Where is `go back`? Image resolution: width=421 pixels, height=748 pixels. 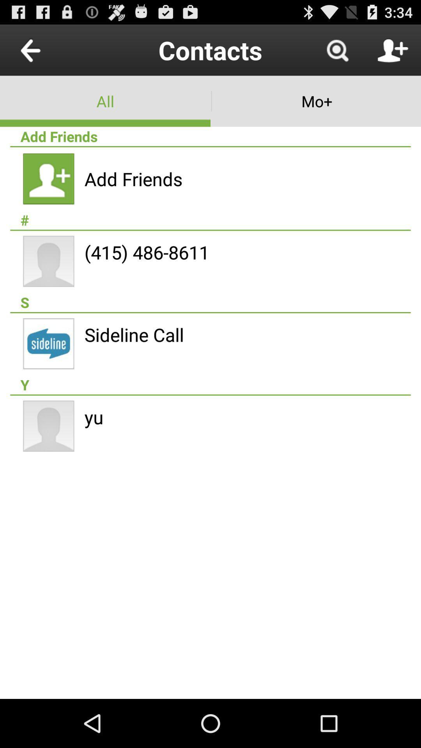 go back is located at coordinates (48, 49).